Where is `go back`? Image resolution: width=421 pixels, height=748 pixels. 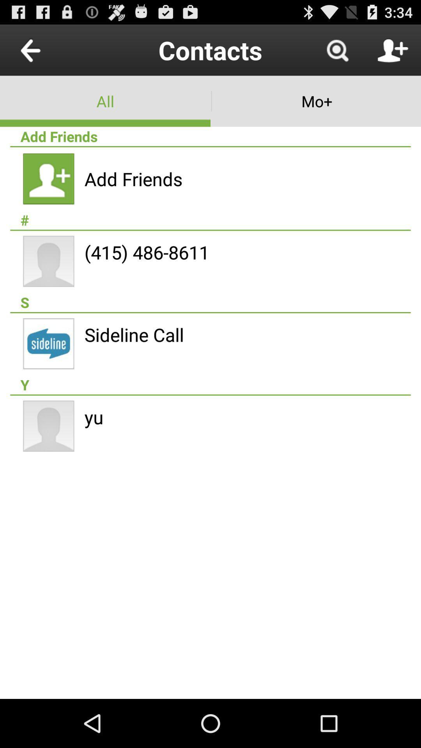 go back is located at coordinates (48, 49).